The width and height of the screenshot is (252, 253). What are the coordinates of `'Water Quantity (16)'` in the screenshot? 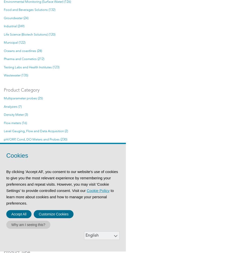 It's located at (17, 237).